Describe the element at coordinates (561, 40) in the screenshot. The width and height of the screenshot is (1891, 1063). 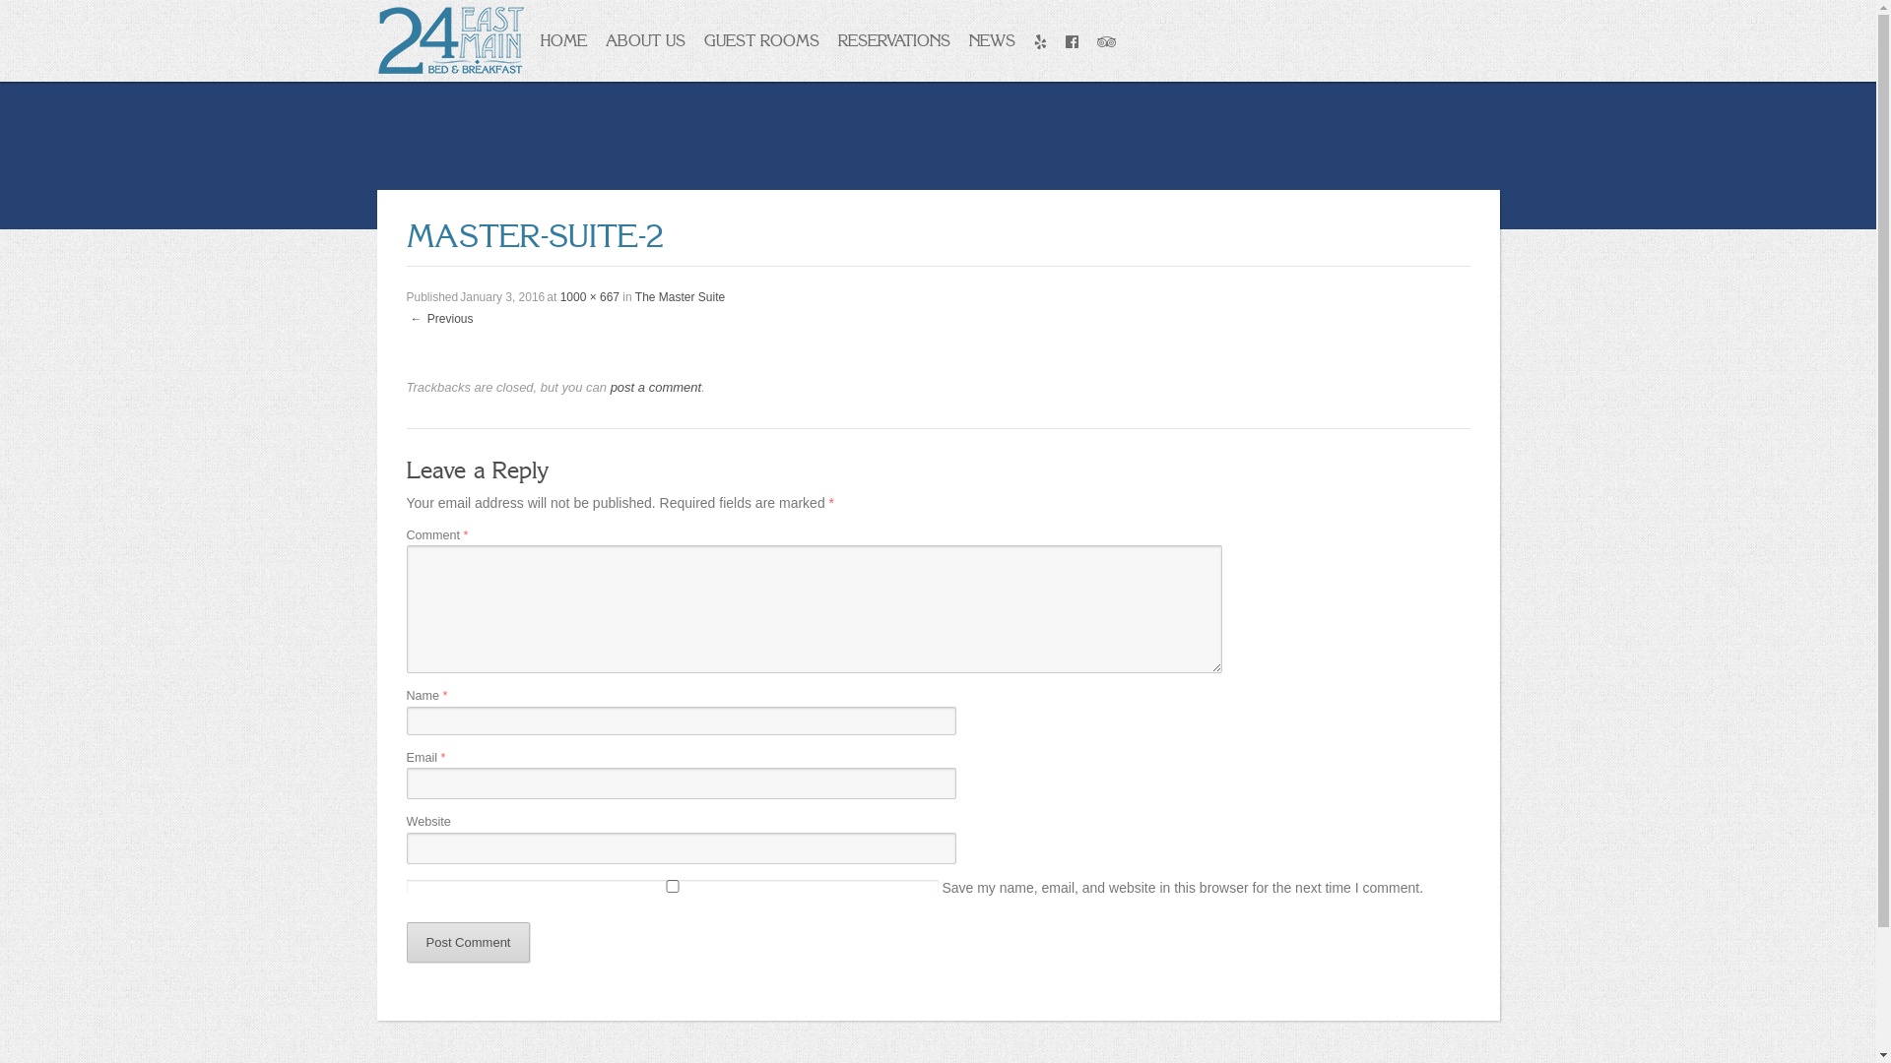
I see `'HOME'` at that location.